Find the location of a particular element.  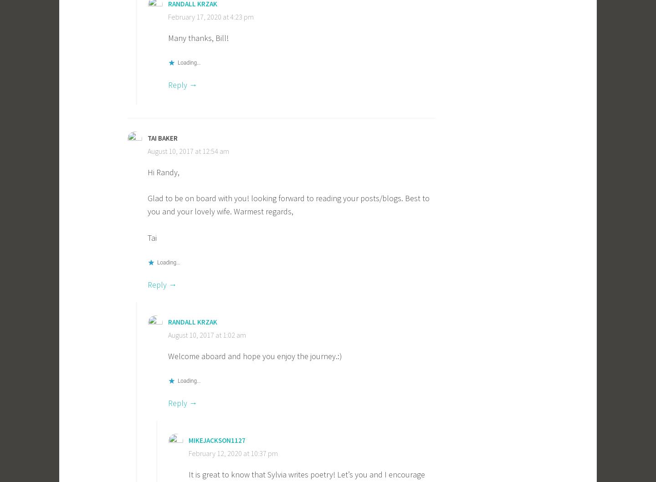

'Tai' is located at coordinates (152, 237).